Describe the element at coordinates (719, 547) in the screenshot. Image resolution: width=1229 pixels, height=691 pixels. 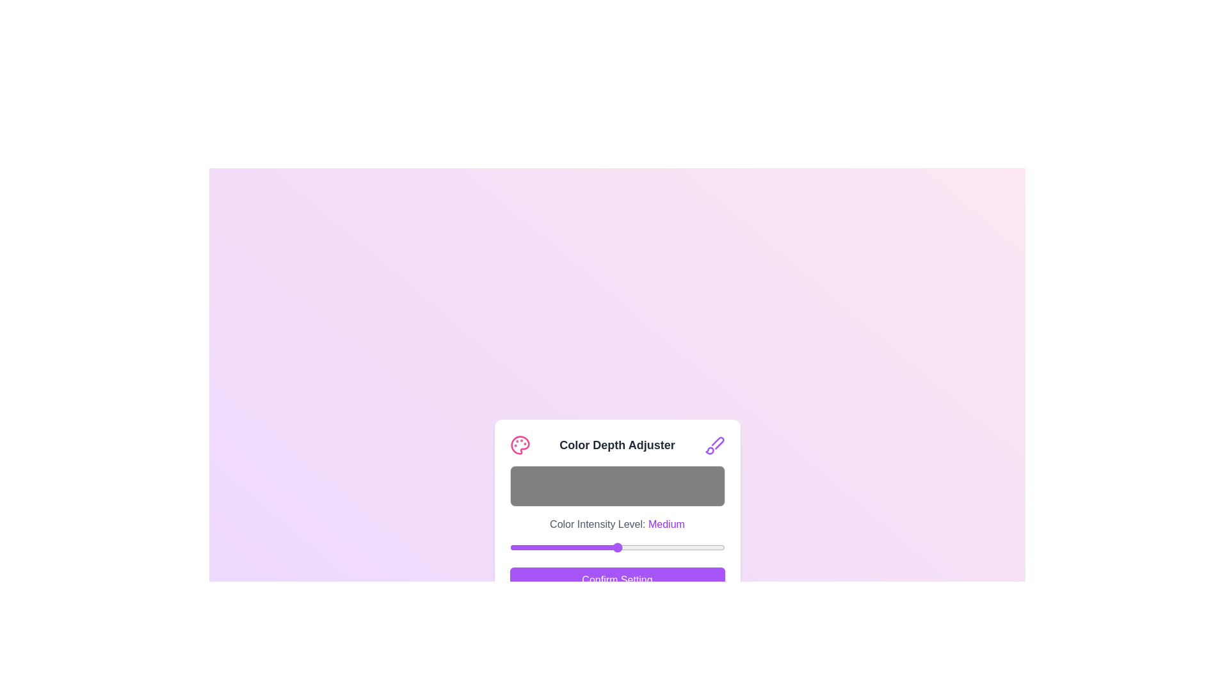
I see `the color intensity slider to 249 where 249 is a value between 0 and 255` at that location.